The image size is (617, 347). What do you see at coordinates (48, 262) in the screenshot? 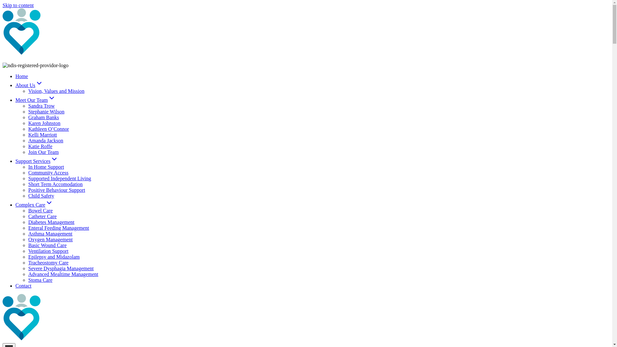
I see `'Tracheostomy Care'` at bounding box center [48, 262].